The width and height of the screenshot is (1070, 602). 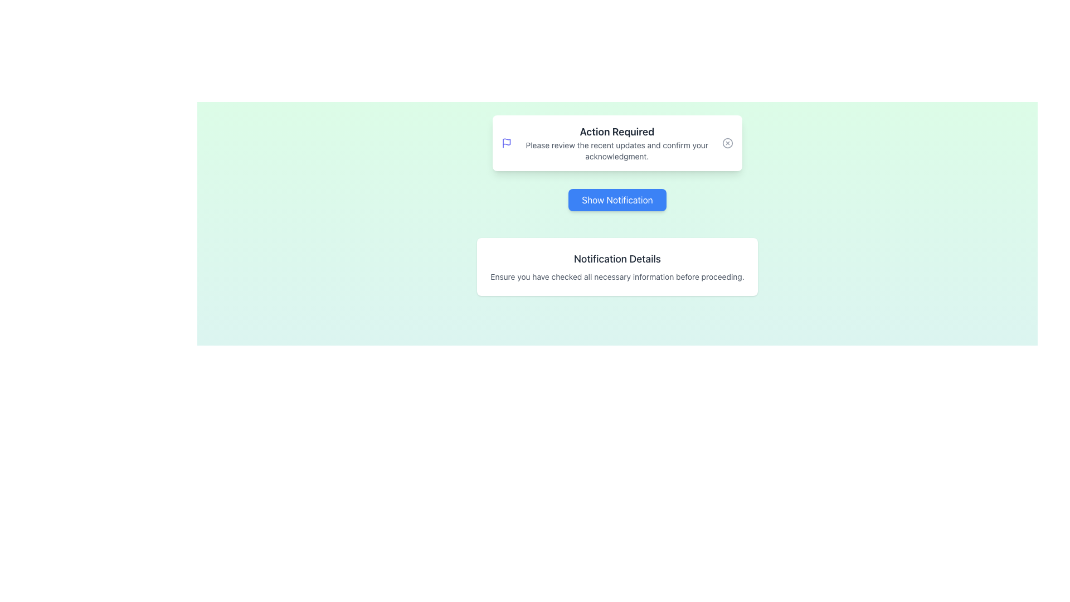 What do you see at coordinates (617, 259) in the screenshot?
I see `text of the Text Header located above the text element that reads 'Ensure you have checked all necessary information before proceeding.'` at bounding box center [617, 259].